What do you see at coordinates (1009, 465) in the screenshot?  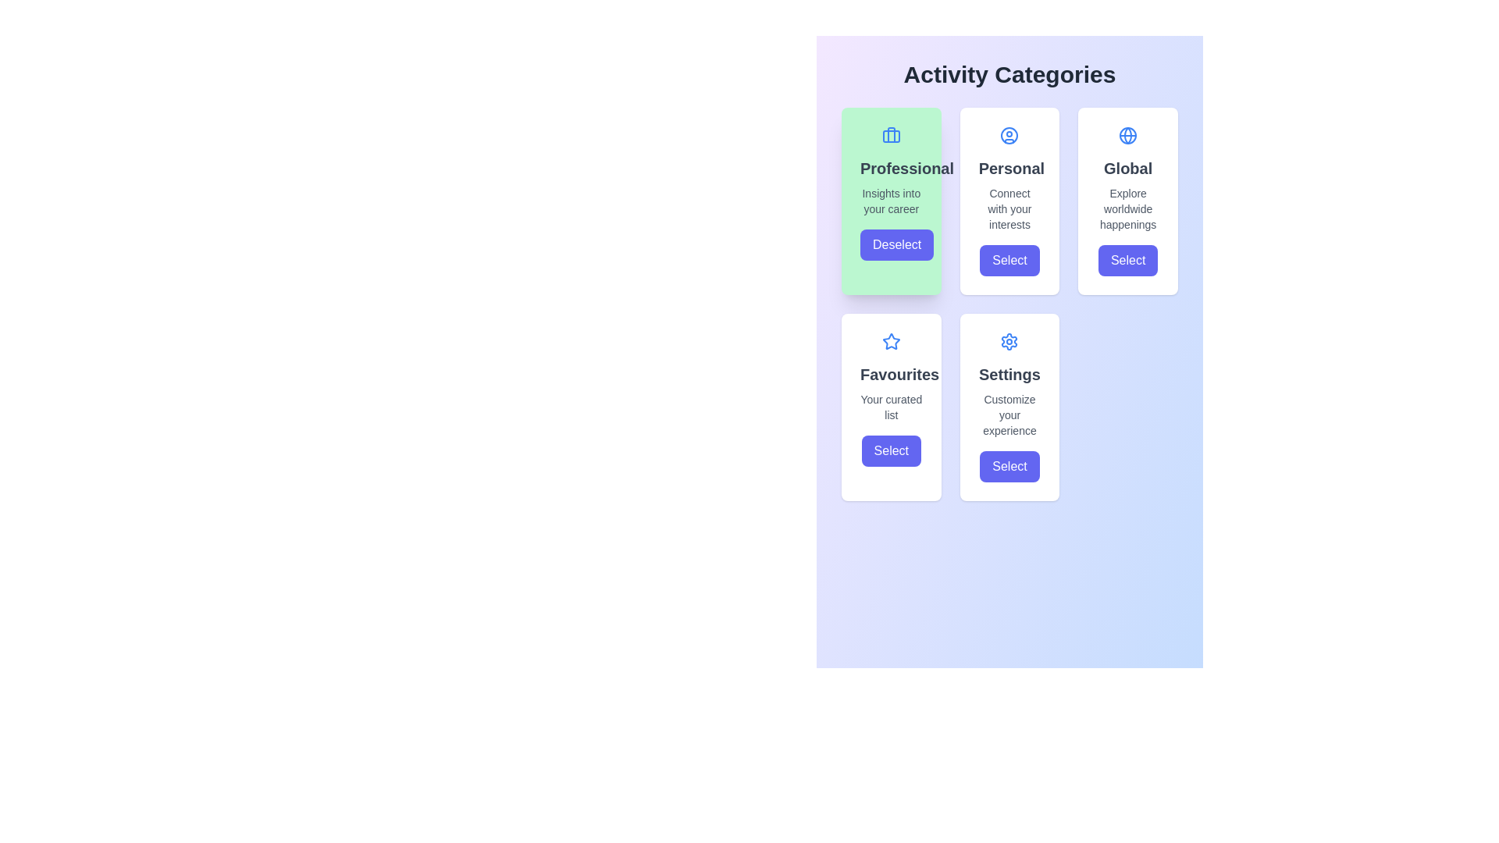 I see `the 'Settings' button located at the bottom of the 'Settings' card` at bounding box center [1009, 465].